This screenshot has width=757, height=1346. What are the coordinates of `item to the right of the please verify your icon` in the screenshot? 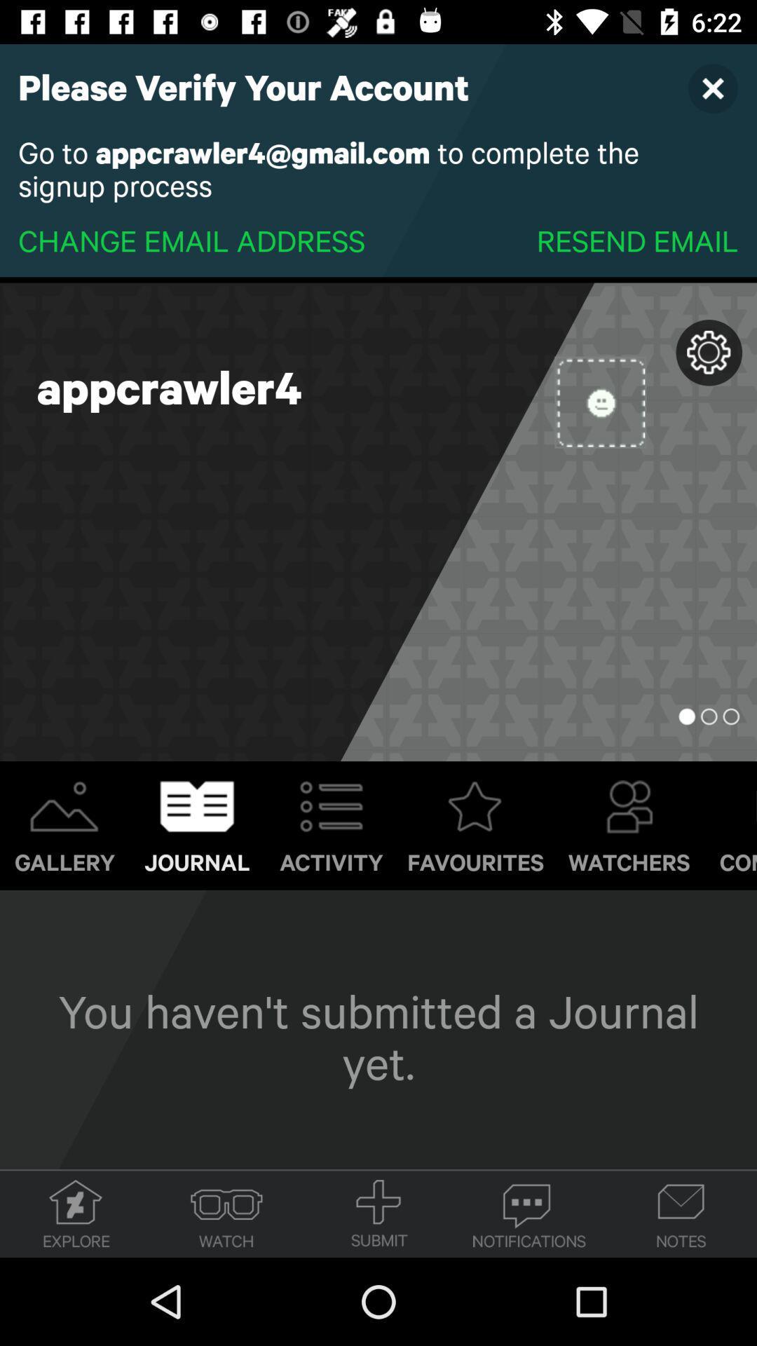 It's located at (713, 87).